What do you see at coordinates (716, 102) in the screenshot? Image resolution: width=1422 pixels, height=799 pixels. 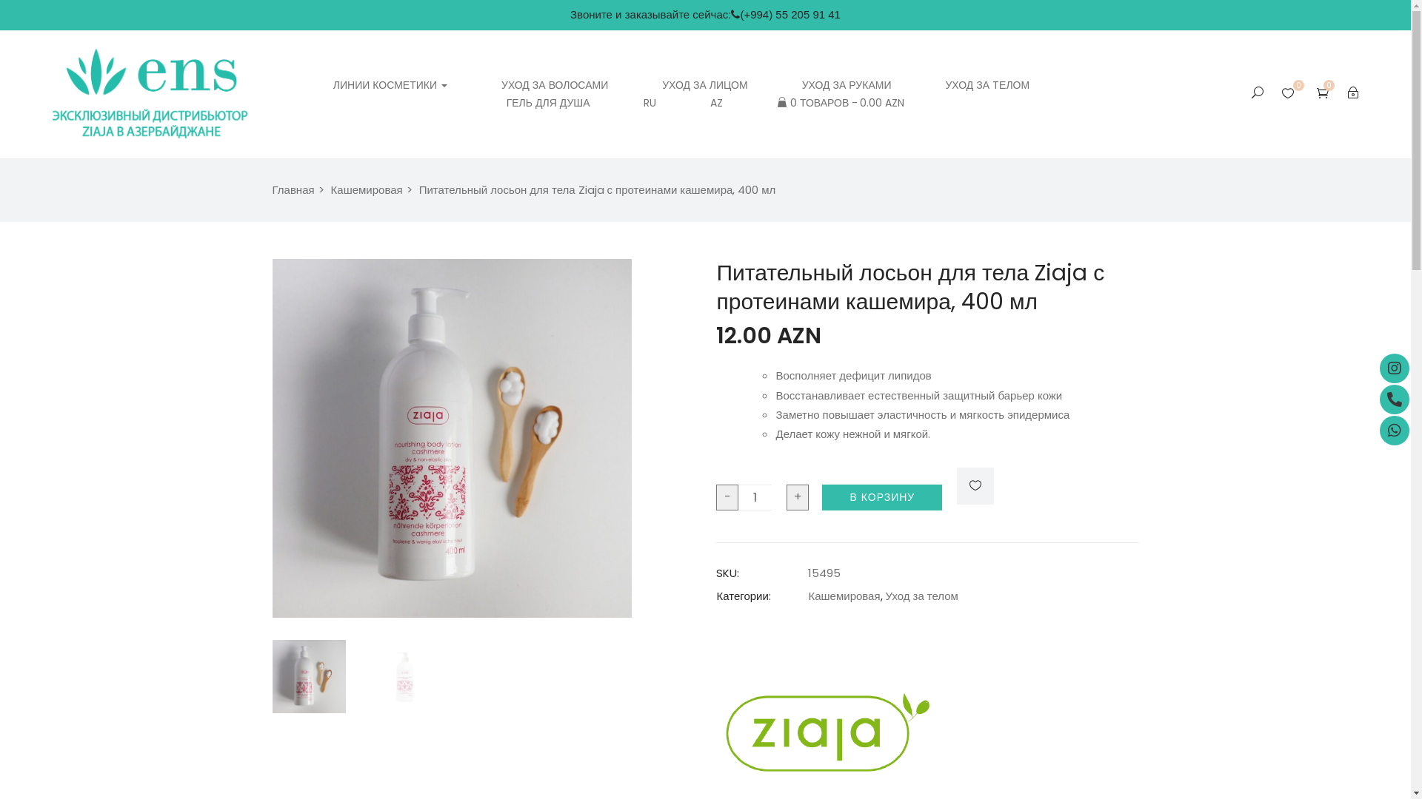 I see `'AZ'` at bounding box center [716, 102].